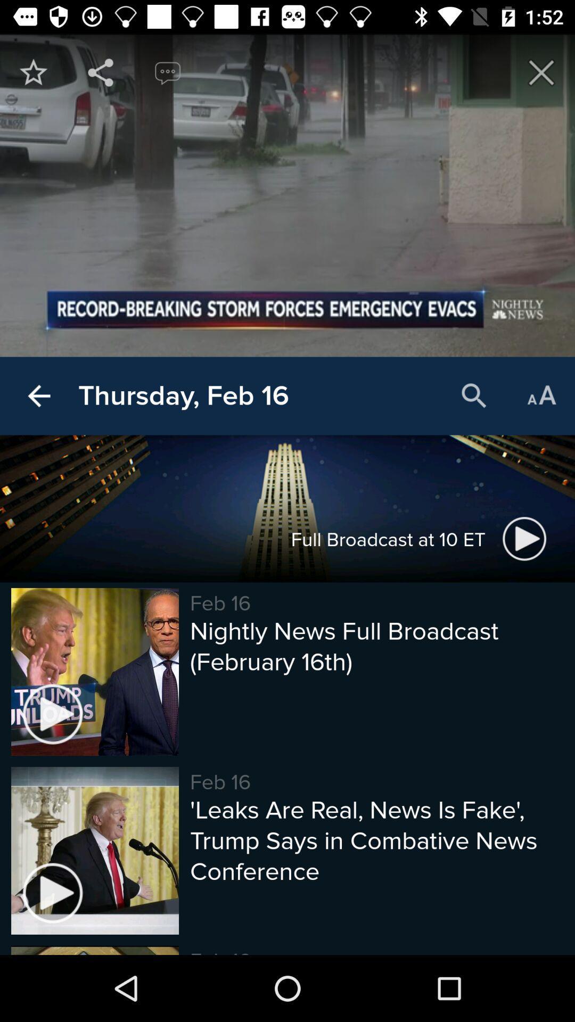 This screenshot has height=1022, width=575. What do you see at coordinates (32, 72) in the screenshot?
I see `favorite video` at bounding box center [32, 72].